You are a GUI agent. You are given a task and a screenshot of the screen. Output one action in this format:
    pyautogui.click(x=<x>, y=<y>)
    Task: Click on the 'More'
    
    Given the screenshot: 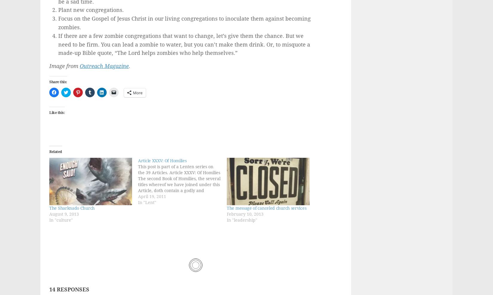 What is the action you would take?
    pyautogui.click(x=137, y=93)
    